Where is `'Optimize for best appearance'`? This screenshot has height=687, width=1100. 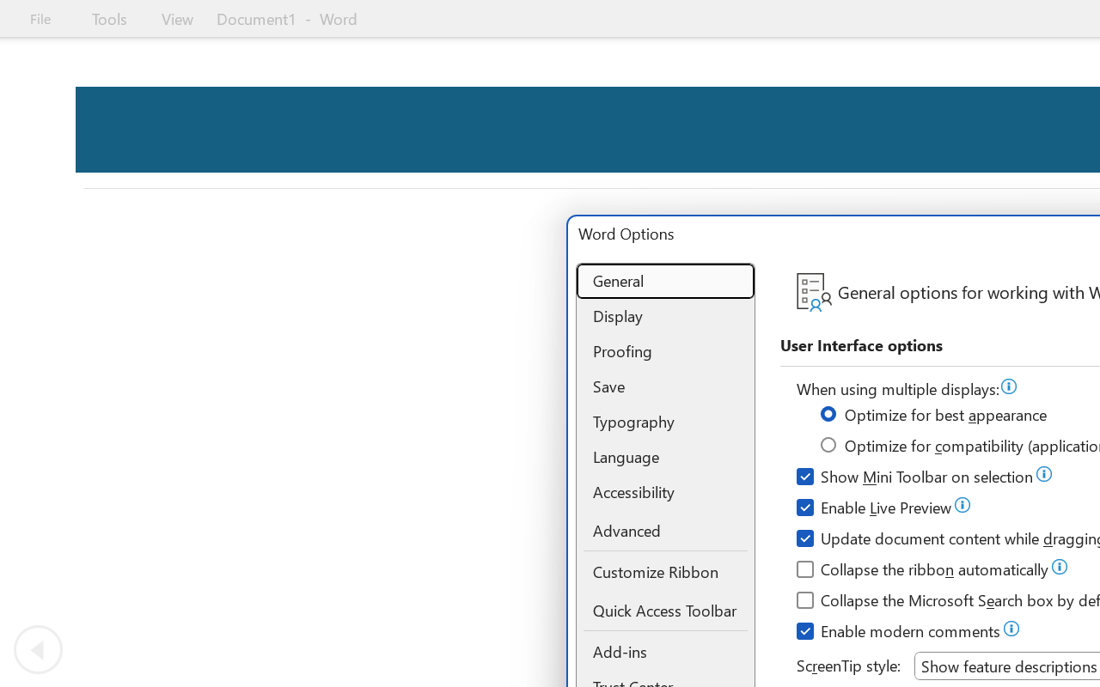 'Optimize for best appearance' is located at coordinates (934, 417).